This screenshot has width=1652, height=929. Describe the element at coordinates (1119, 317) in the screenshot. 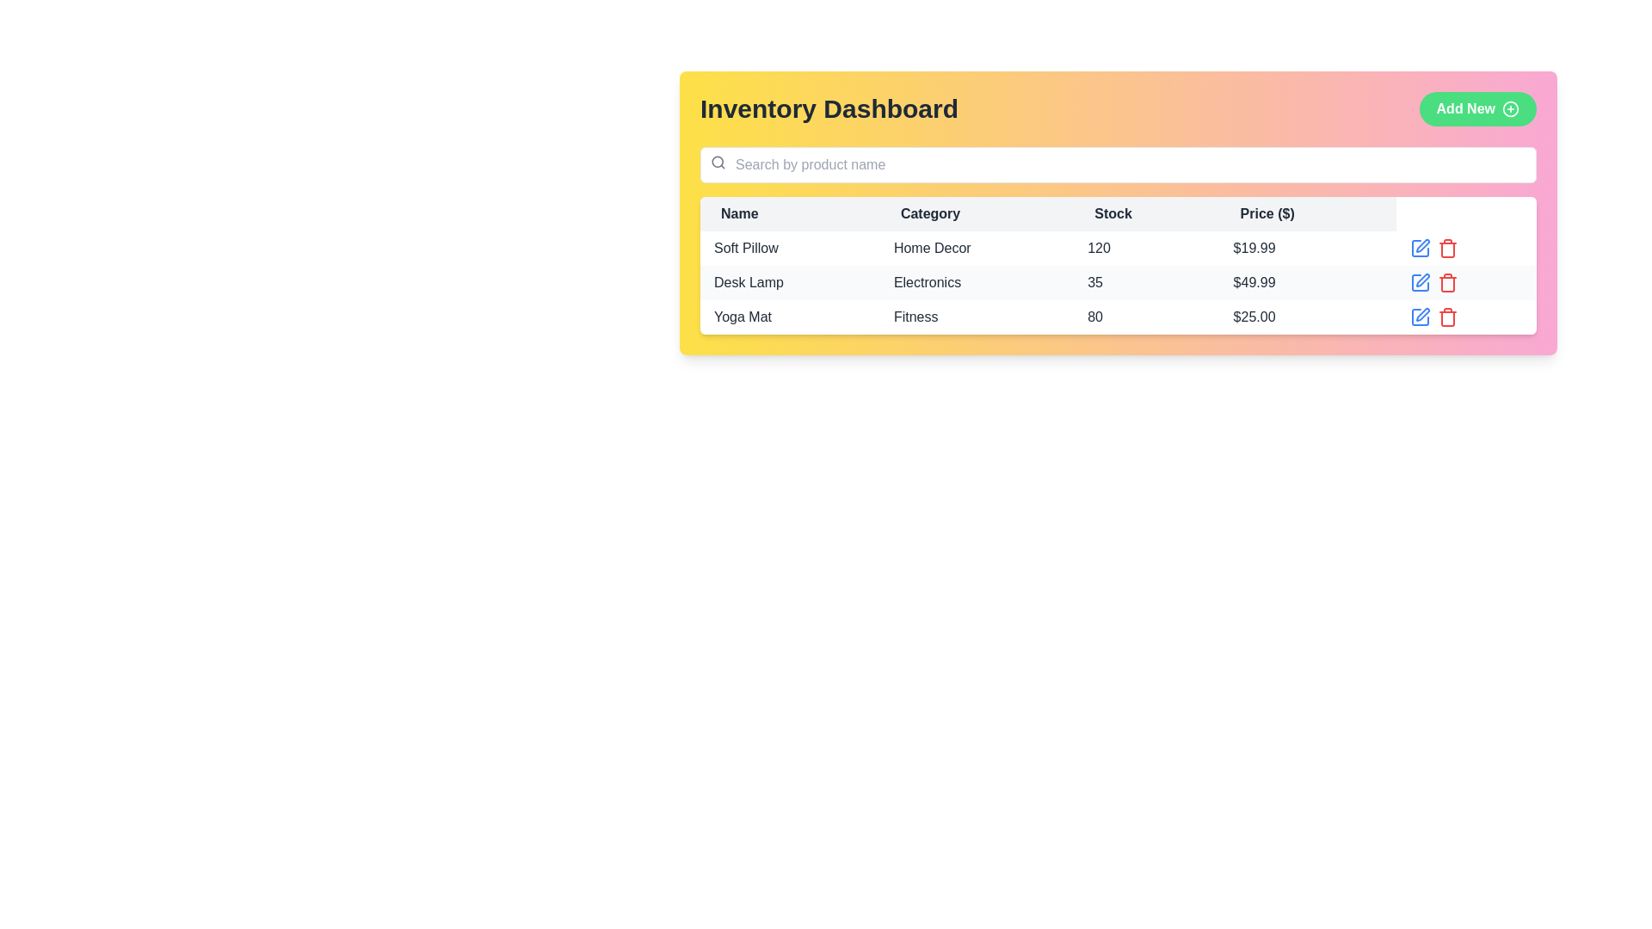

I see `the third row in the inventory table that displays 'Yoga Mat', 'Fitness', '80', and '$25.00' using adjacent controls` at that location.